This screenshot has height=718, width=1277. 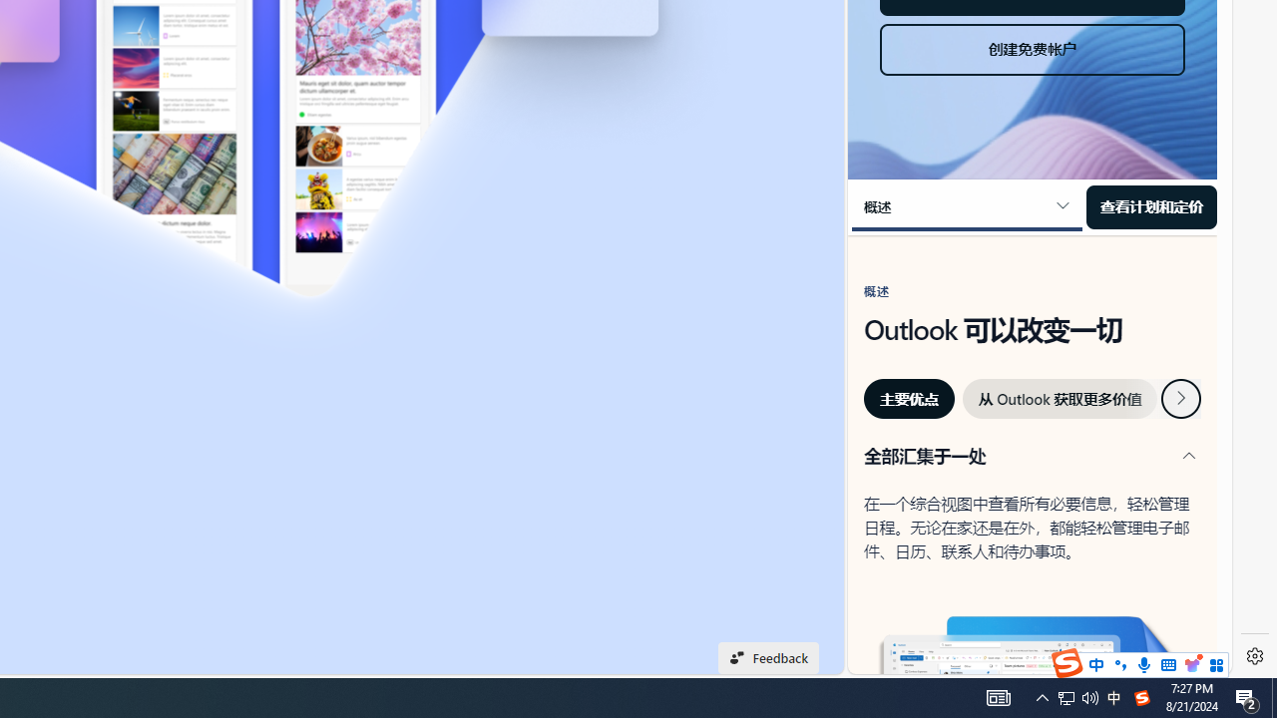 What do you see at coordinates (1254, 656) in the screenshot?
I see `'Settings'` at bounding box center [1254, 656].